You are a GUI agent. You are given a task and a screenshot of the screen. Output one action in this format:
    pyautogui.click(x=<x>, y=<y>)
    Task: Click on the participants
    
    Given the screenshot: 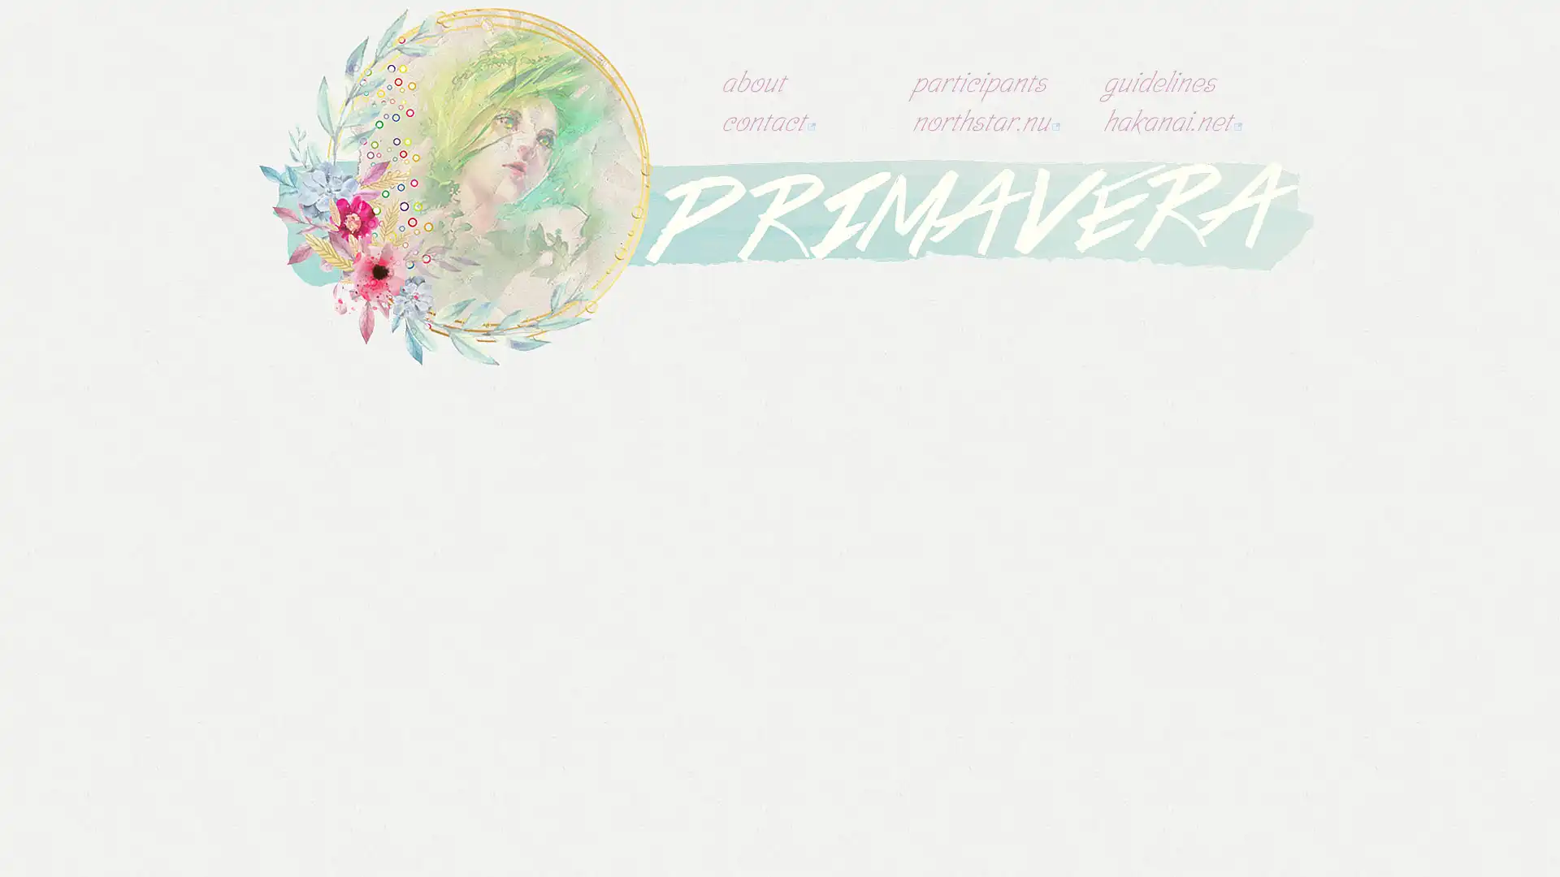 What is the action you would take?
    pyautogui.click(x=978, y=81)
    